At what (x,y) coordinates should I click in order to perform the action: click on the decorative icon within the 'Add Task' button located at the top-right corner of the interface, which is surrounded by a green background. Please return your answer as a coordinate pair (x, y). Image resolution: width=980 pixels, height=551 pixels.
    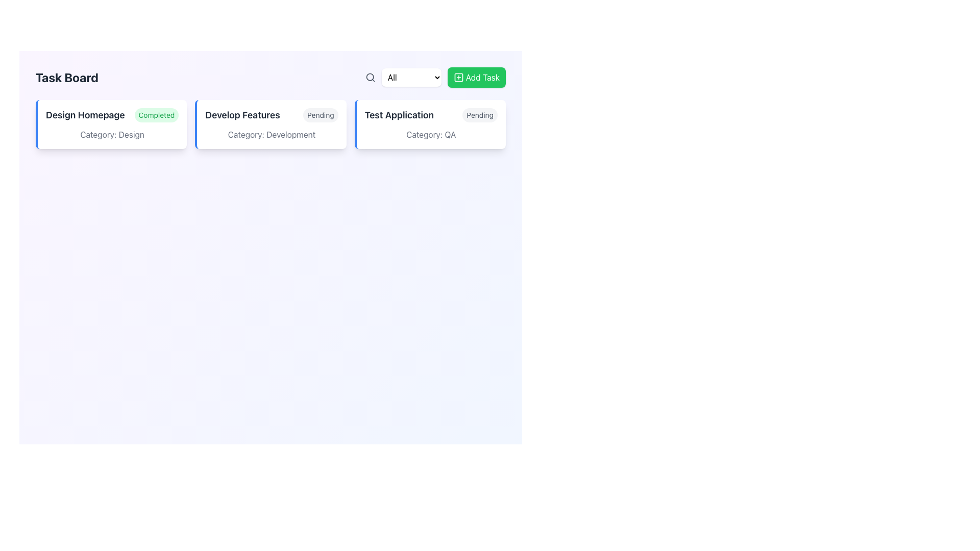
    Looking at the image, I should click on (458, 77).